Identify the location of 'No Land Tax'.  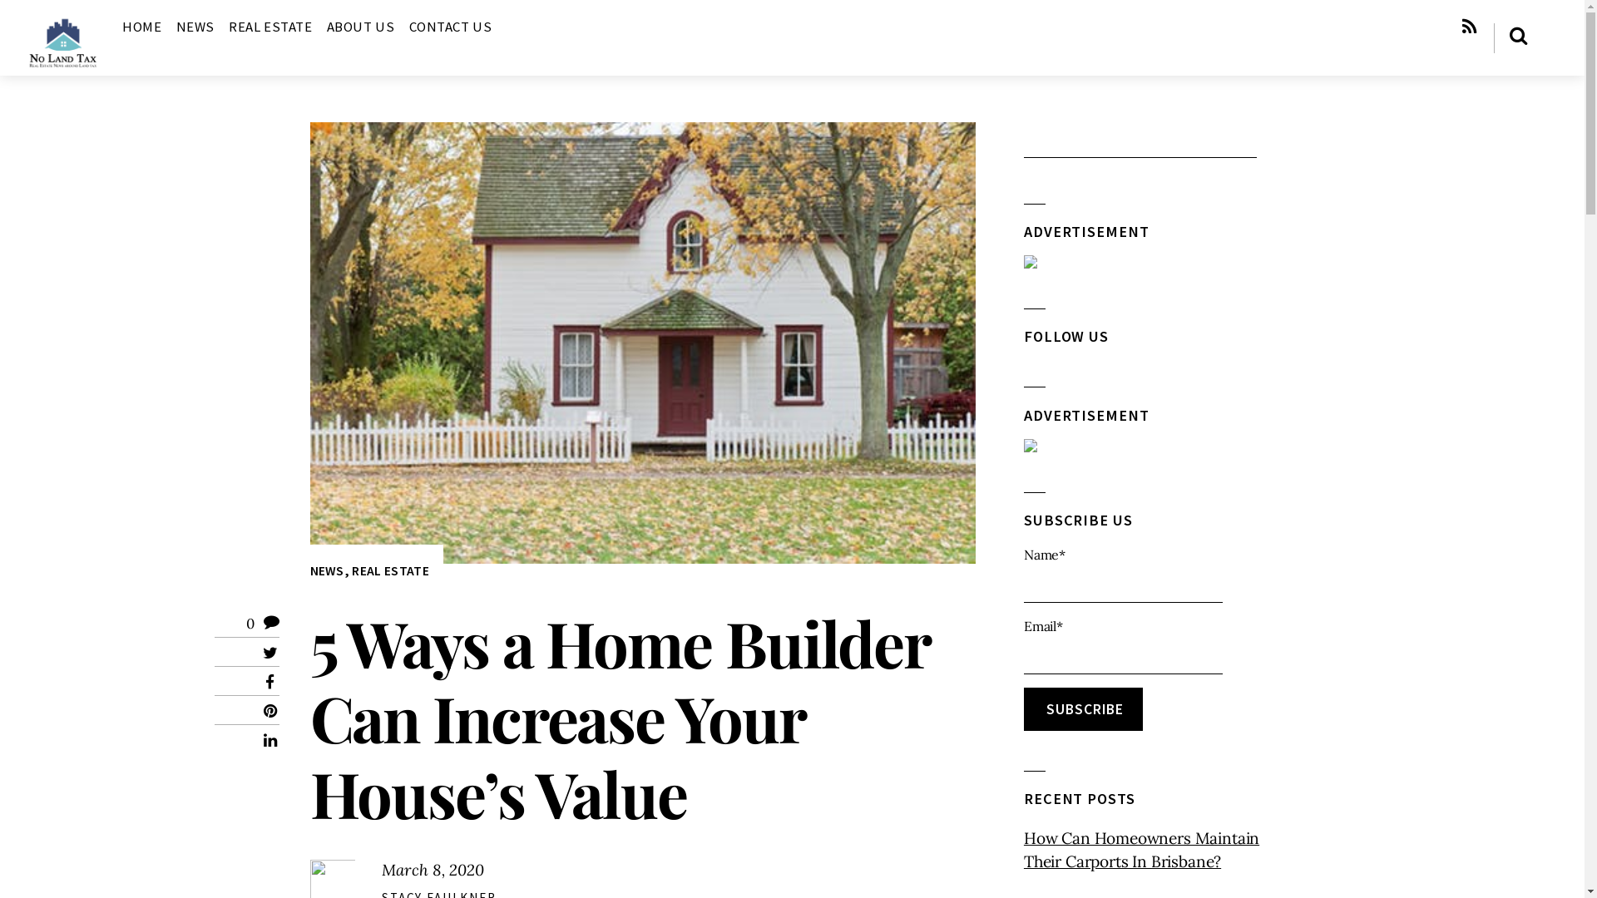
(63, 63).